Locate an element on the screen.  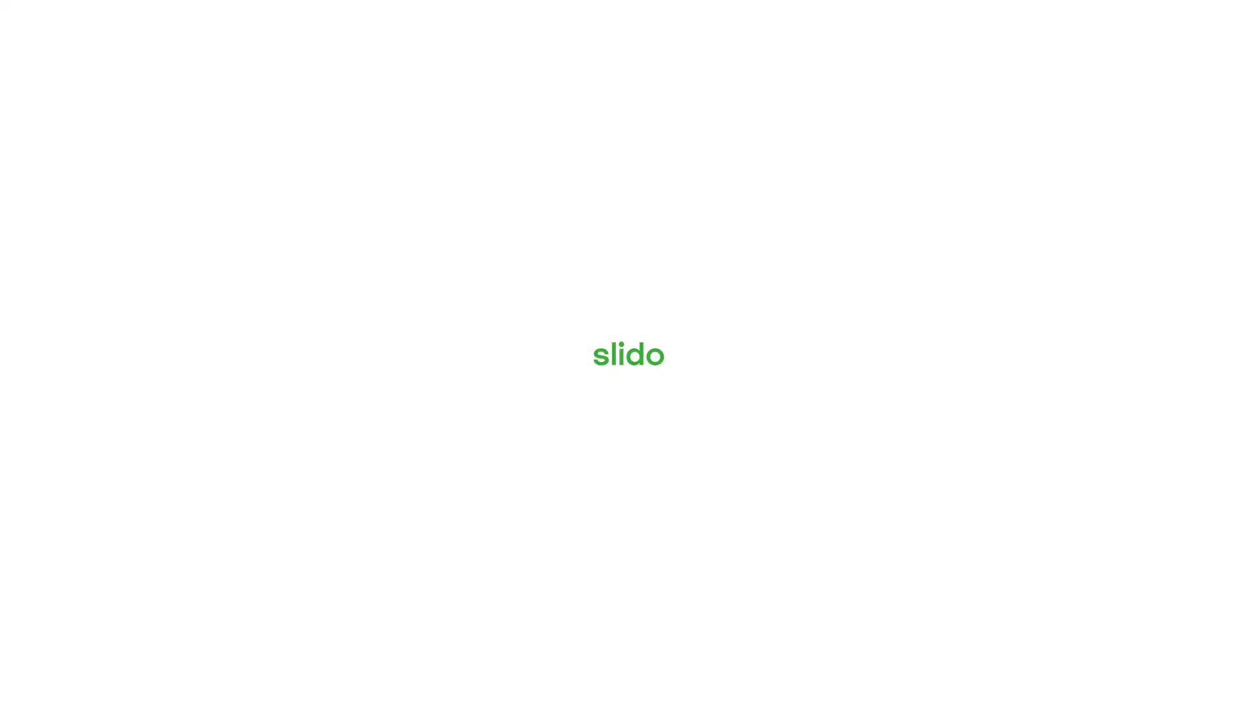
1 reply is located at coordinates (975, 304).